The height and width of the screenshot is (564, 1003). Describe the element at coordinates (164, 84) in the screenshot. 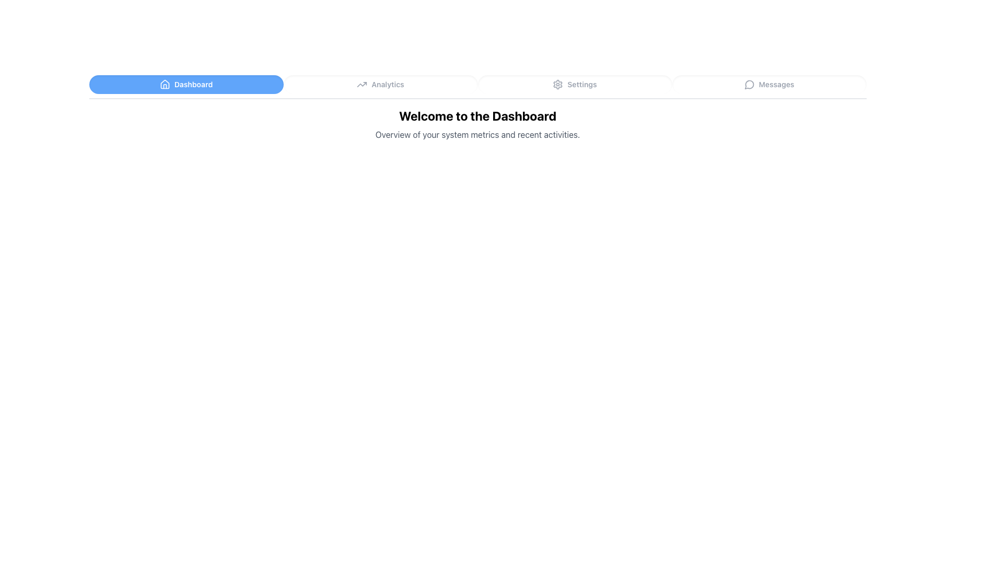

I see `the house icon in the navigation bar preceding the 'Dashboard' text label` at that location.